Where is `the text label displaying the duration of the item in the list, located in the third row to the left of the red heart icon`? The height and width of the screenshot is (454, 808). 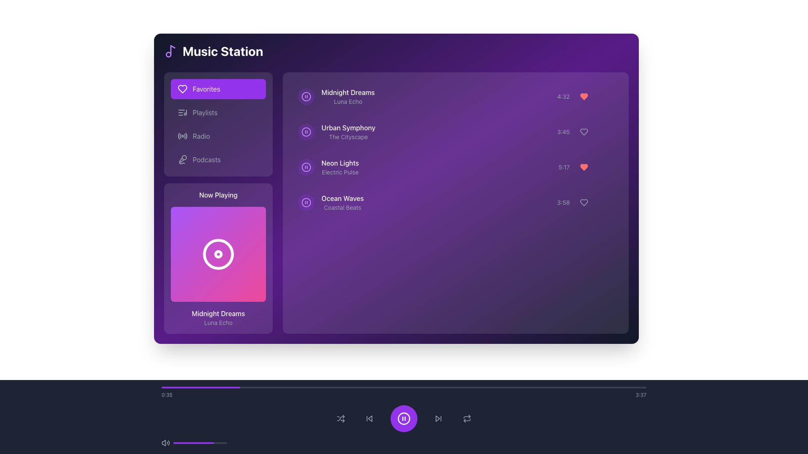
the text label displaying the duration of the item in the list, located in the third row to the left of the red heart icon is located at coordinates (564, 167).